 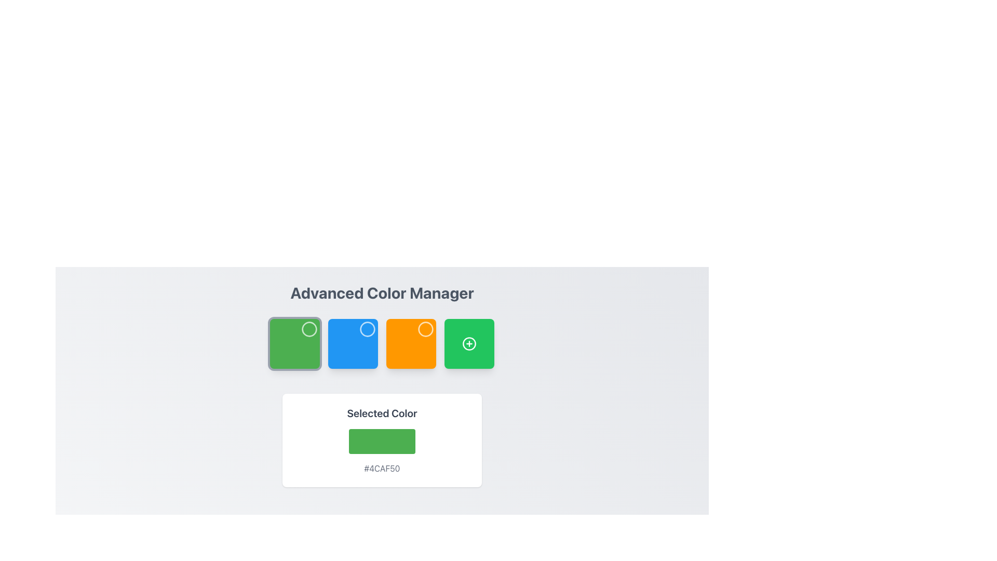 I want to click on the Circle icon located in the second green square tile from the left, positioned below the 'Advanced Color Manager' title and above the 'Selected Color' display box, so click(x=308, y=329).